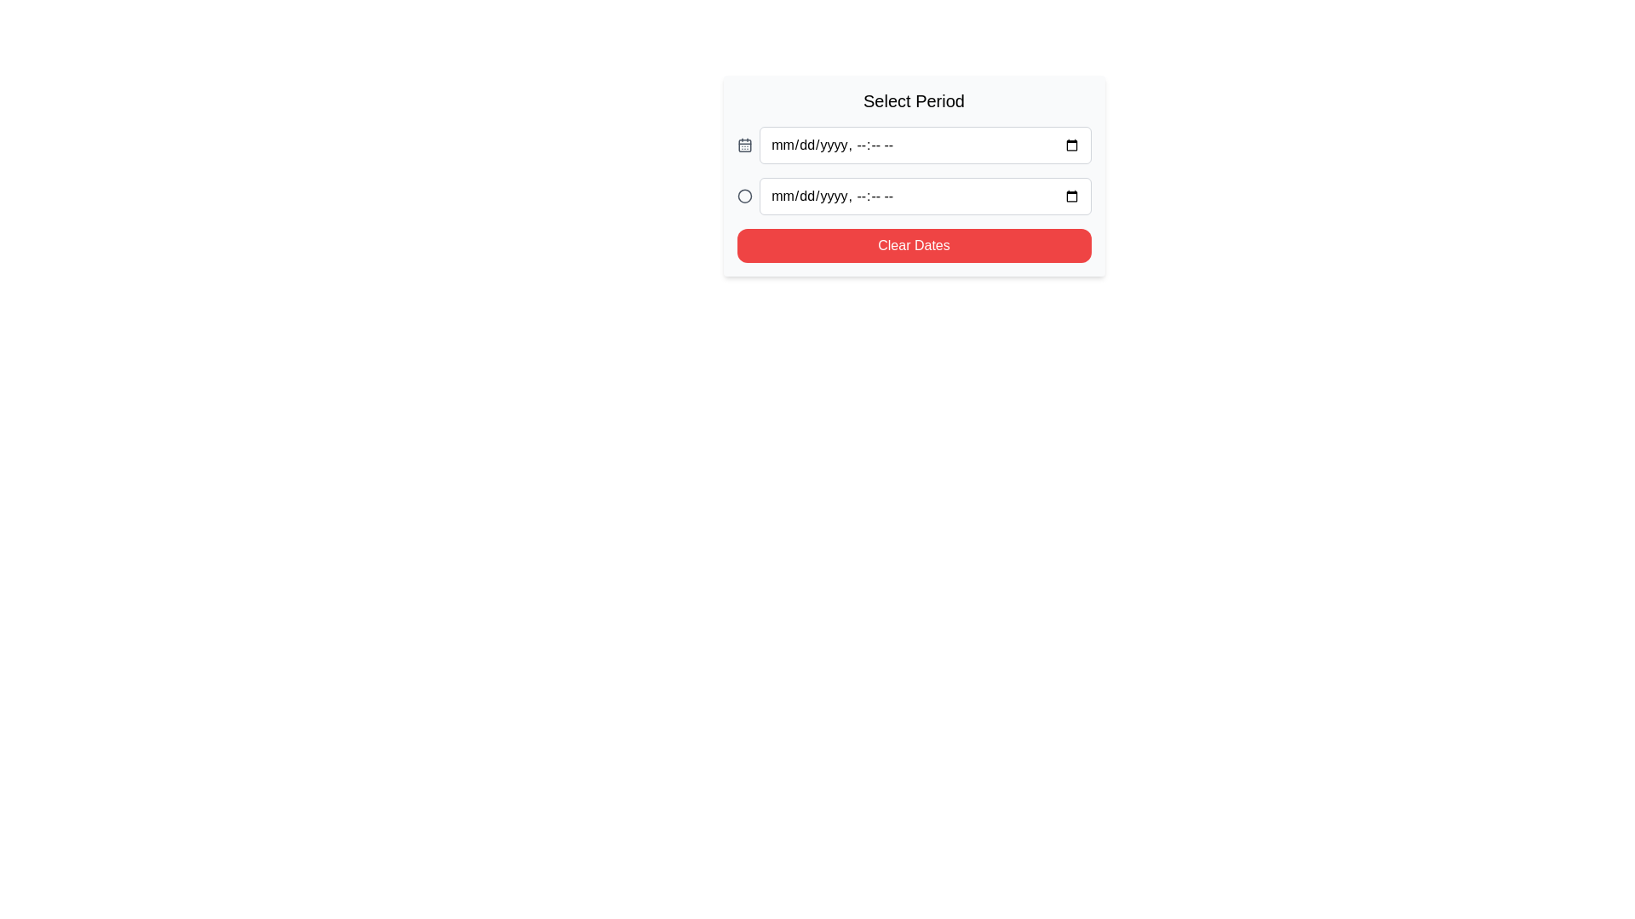 The width and height of the screenshot is (1635, 919). Describe the element at coordinates (913, 196) in the screenshot. I see `the radio button in the date-time selection component located below the first date-time input and above the 'Clear Dates' button` at that location.